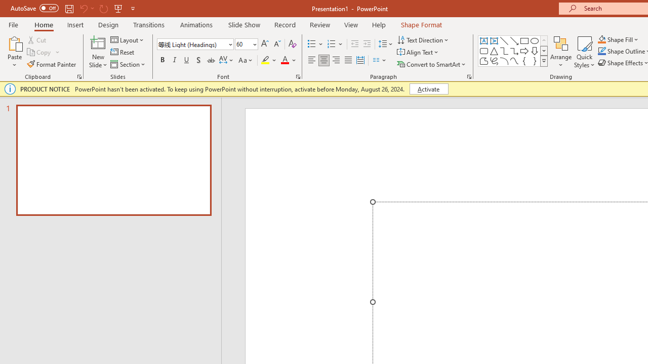 The height and width of the screenshot is (364, 648). Describe the element at coordinates (336, 60) in the screenshot. I see `'Align Right'` at that location.